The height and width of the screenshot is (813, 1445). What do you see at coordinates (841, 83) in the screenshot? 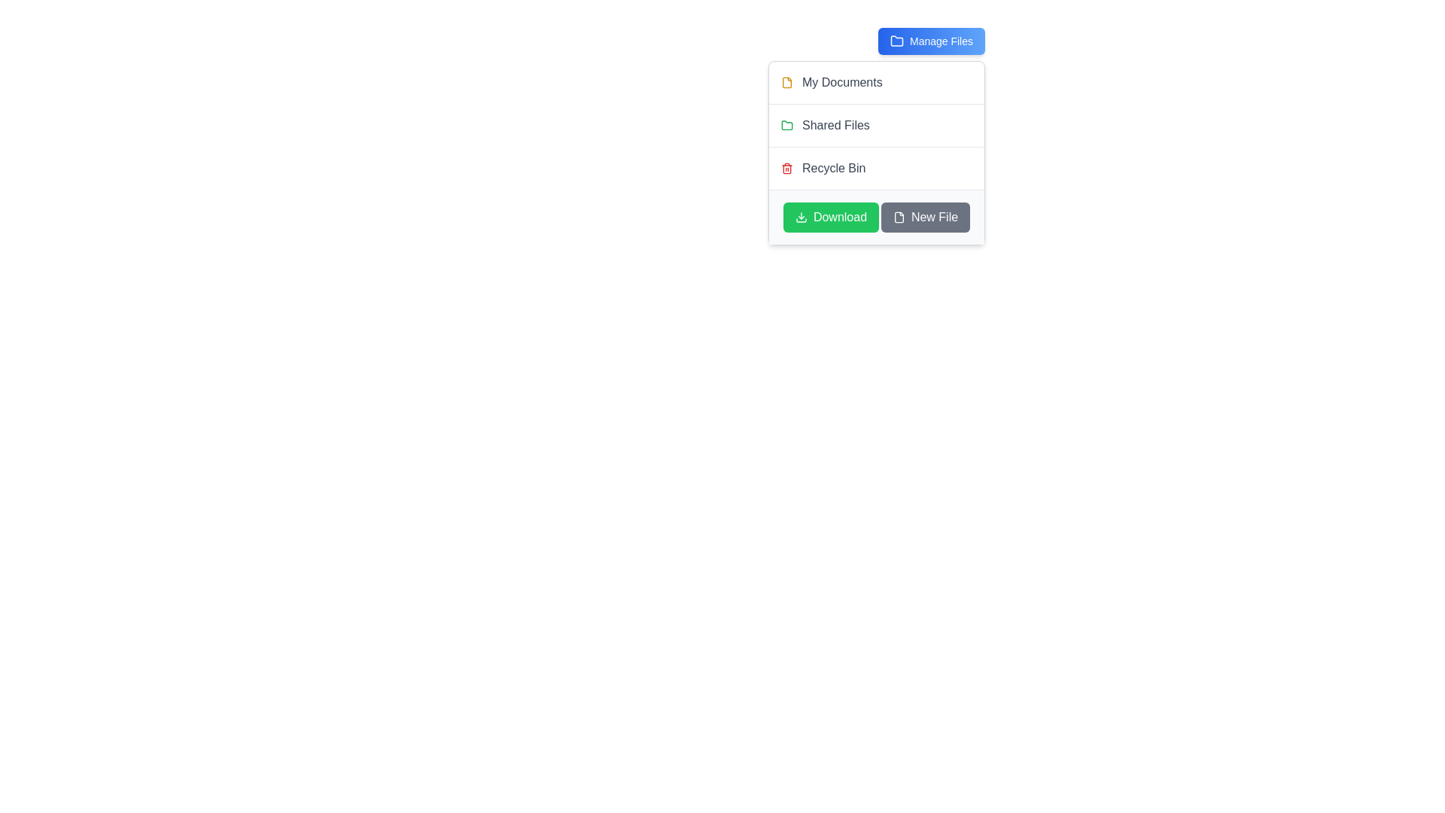
I see `text label displaying 'My Documents' located to the right of a yellow file icon in the first row of the layered menu interface` at bounding box center [841, 83].